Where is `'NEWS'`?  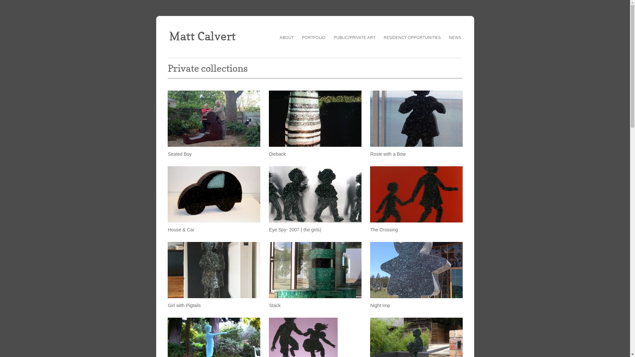
'NEWS' is located at coordinates (449, 38).